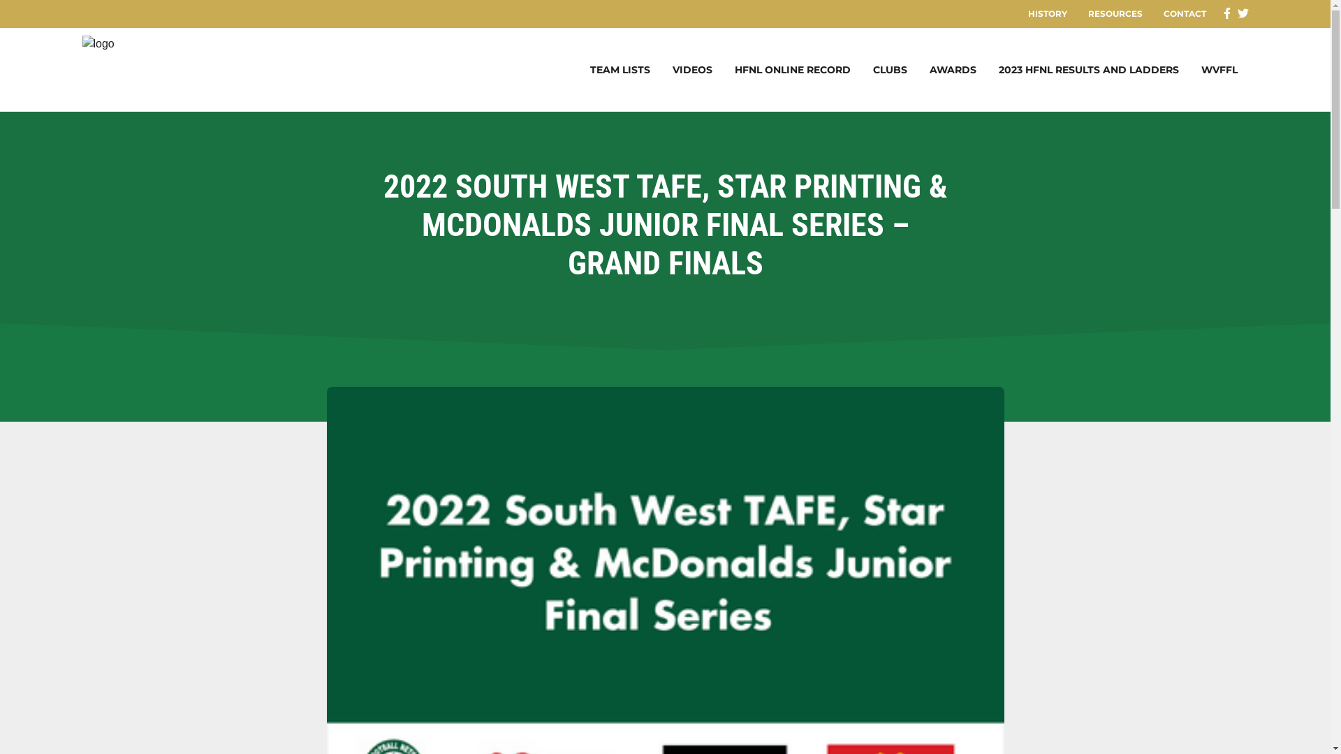 This screenshot has width=1341, height=754. What do you see at coordinates (1088, 70) in the screenshot?
I see `'2023 HFNL RESULTS AND LADDERS'` at bounding box center [1088, 70].